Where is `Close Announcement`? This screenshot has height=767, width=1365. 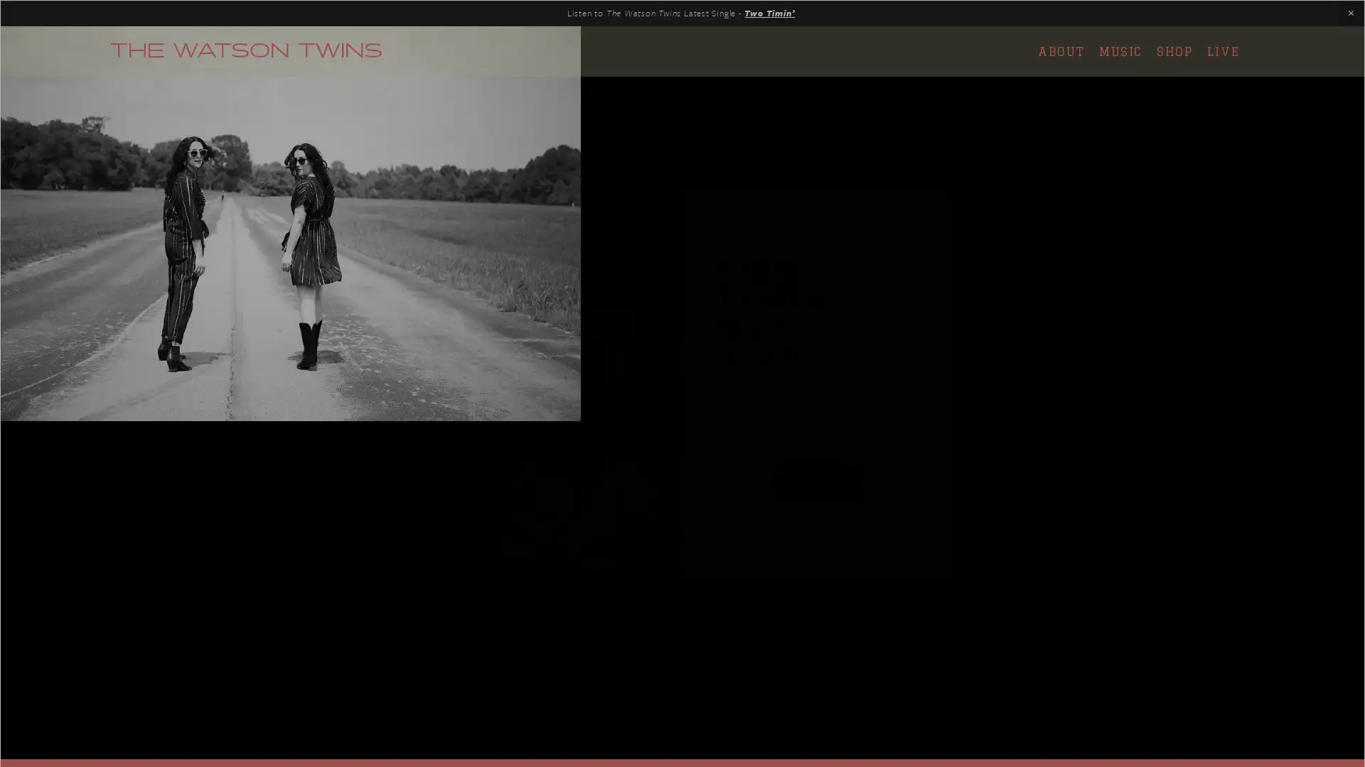 Close Announcement is located at coordinates (1350, 13).